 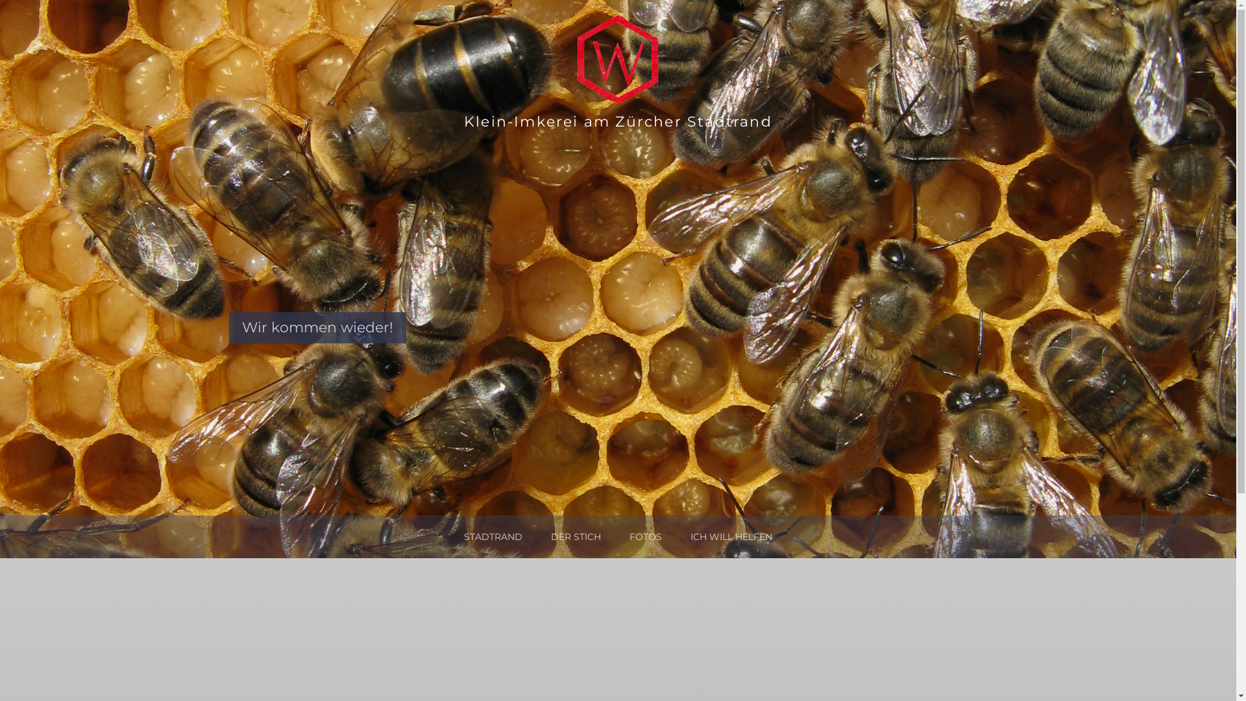 I want to click on 'DER STICH', so click(x=551, y=536).